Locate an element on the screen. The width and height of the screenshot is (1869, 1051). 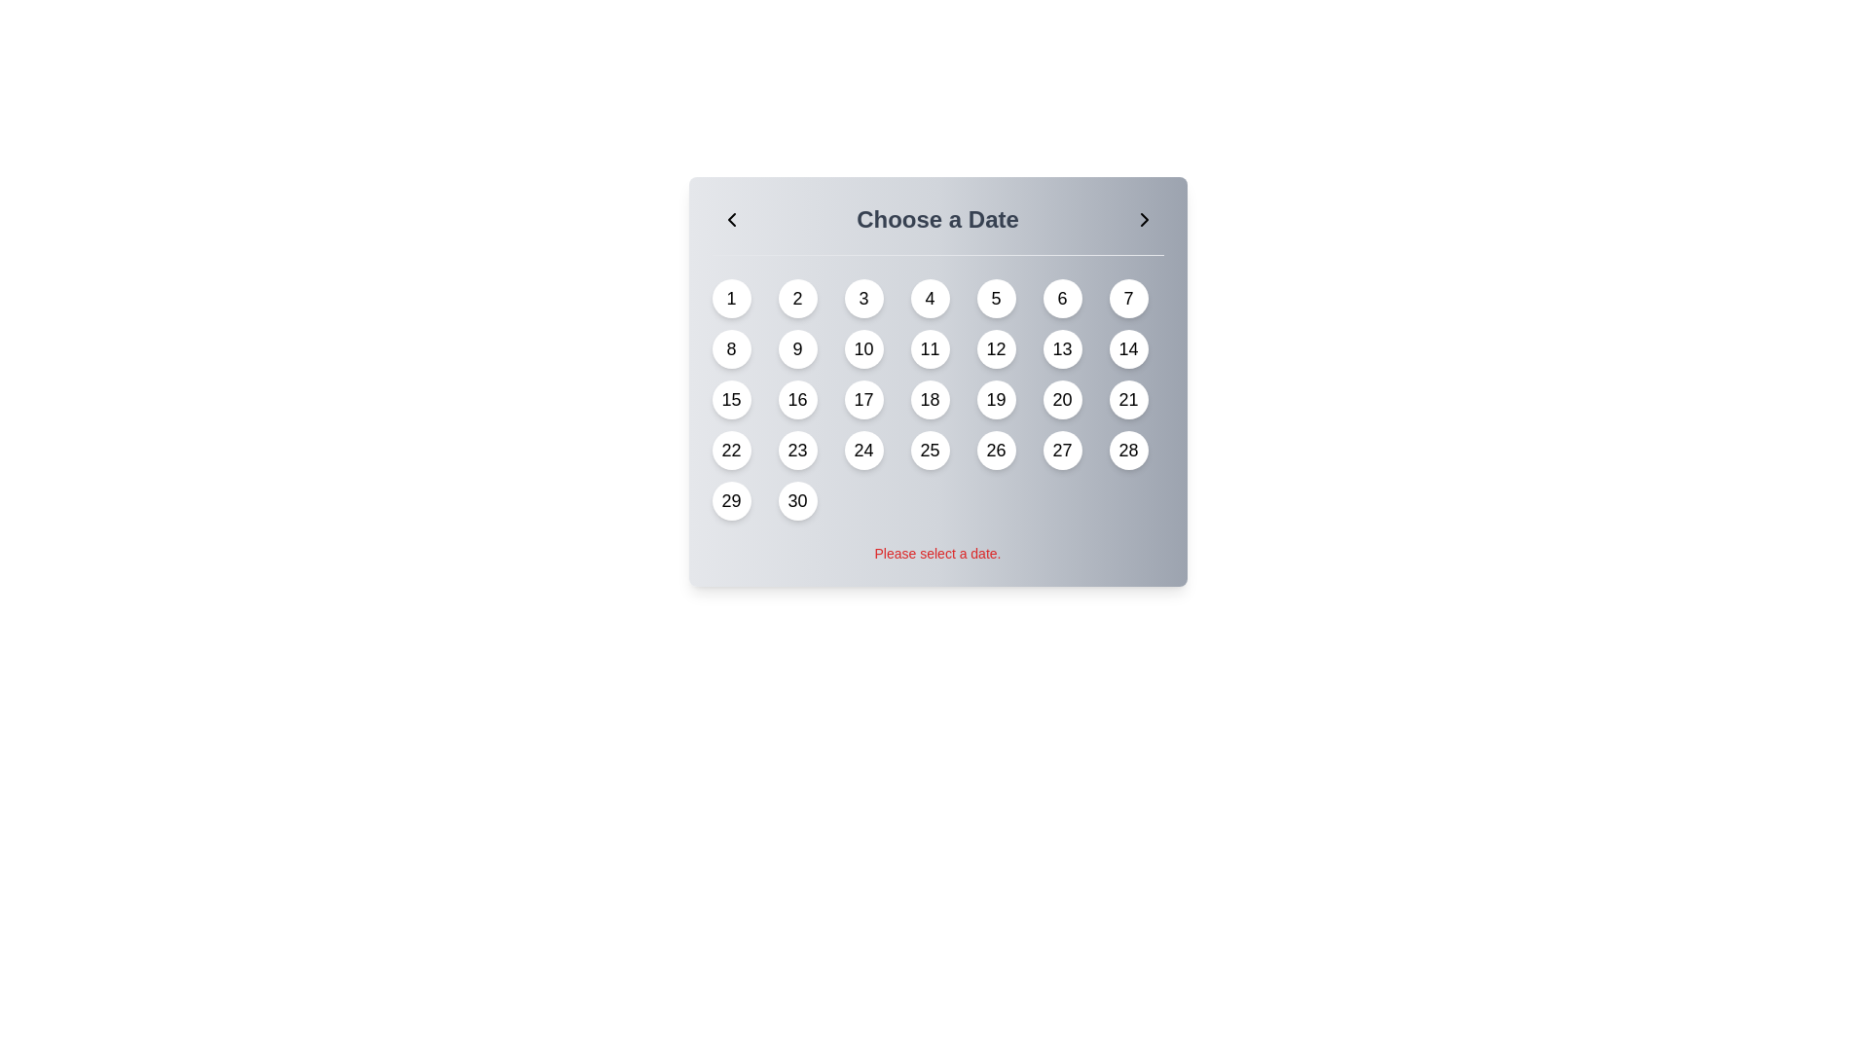
the button representing the date '21' in the calendar interface is located at coordinates (1128, 399).